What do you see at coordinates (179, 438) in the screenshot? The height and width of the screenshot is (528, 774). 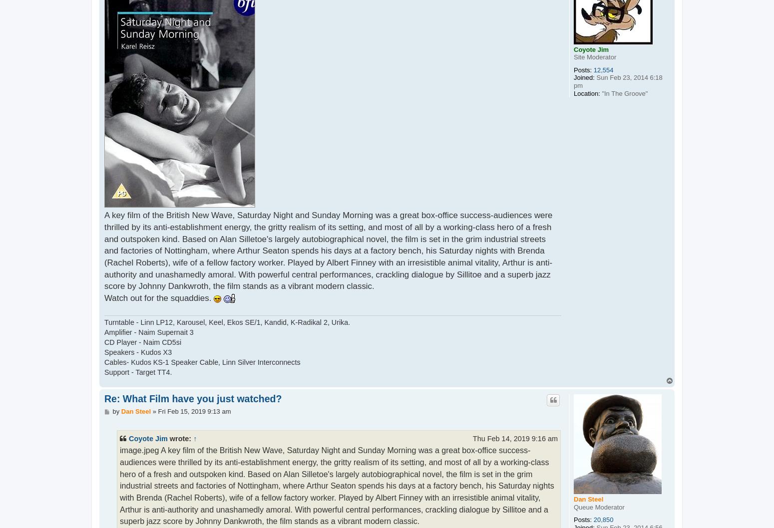 I see `'wrote:'` at bounding box center [179, 438].